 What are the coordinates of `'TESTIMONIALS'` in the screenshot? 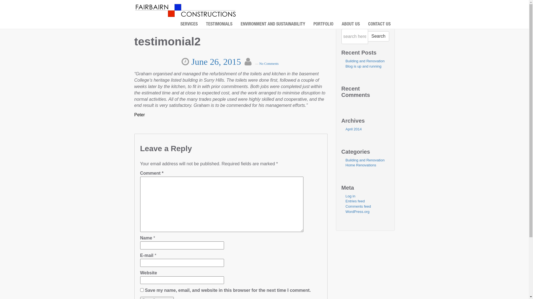 It's located at (218, 24).